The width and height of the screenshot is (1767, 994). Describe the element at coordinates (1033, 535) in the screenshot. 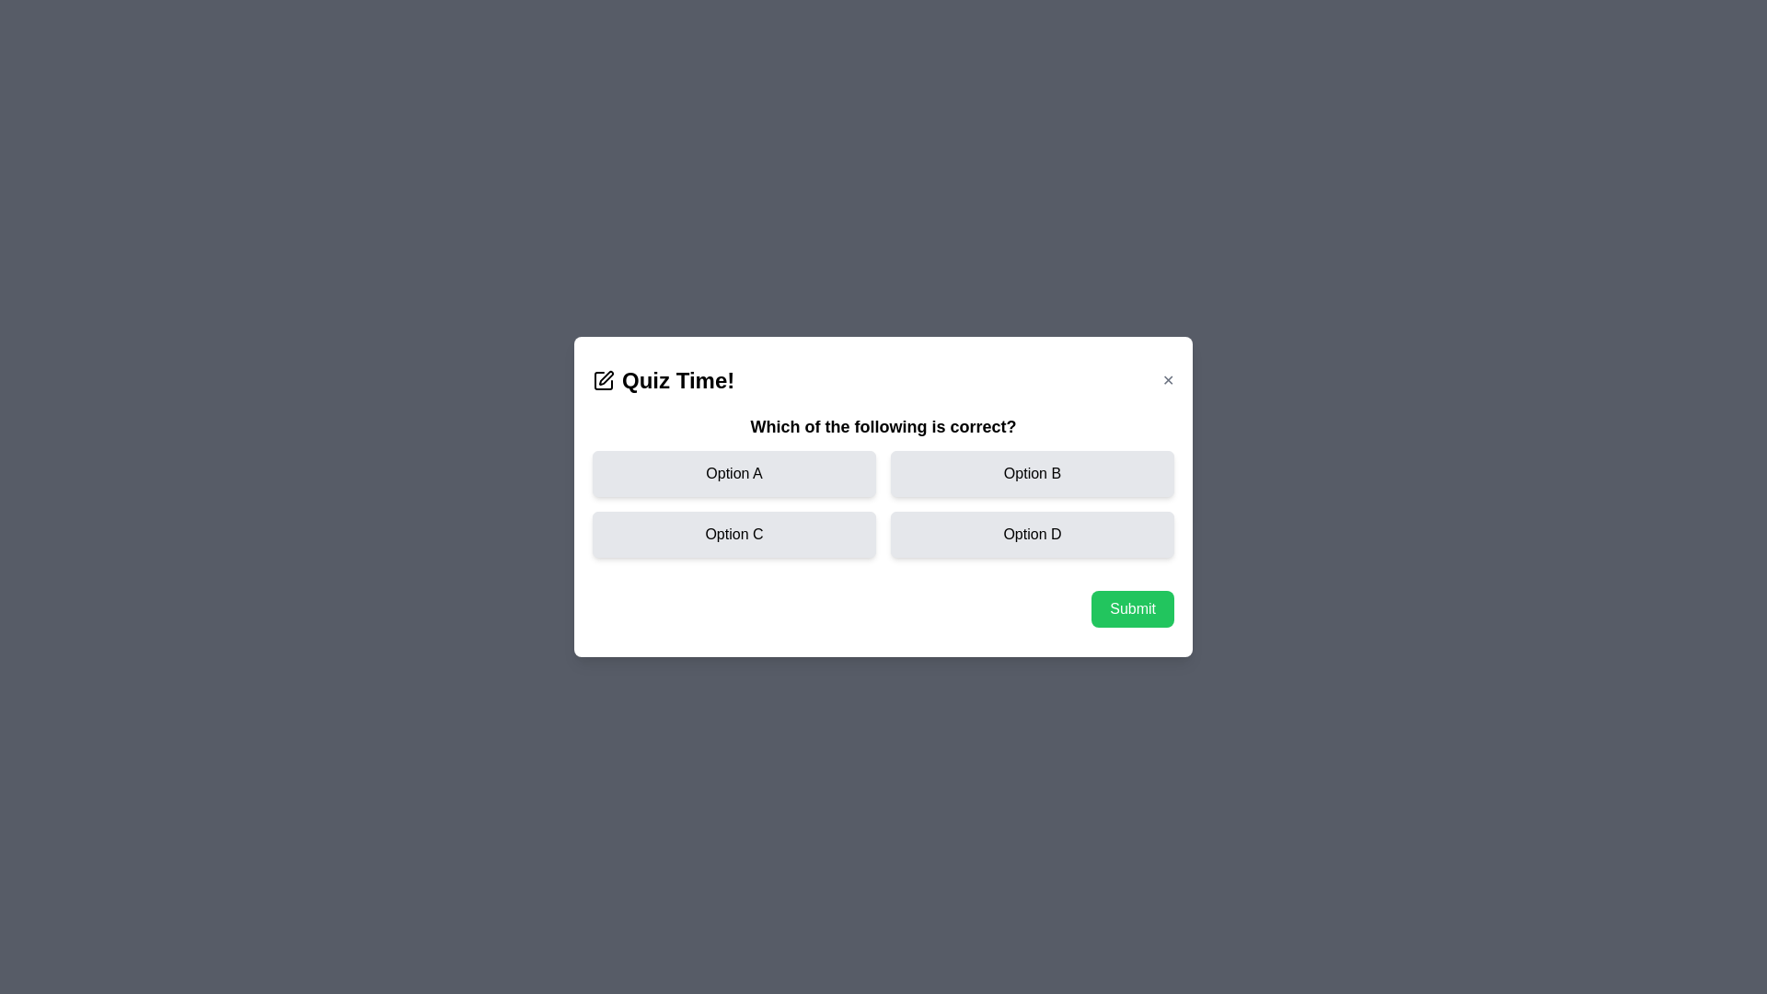

I see `the option Option D to select it` at that location.